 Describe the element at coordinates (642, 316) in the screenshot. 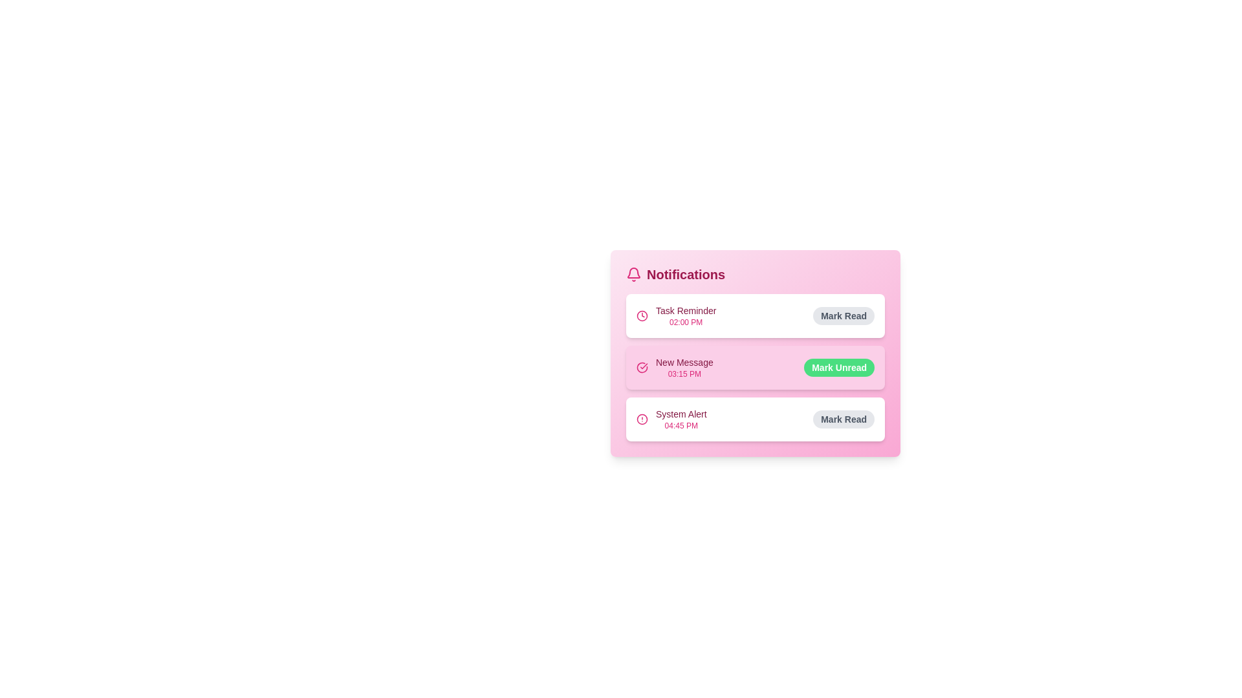

I see `the icon representing the notification type Task Reminder` at that location.